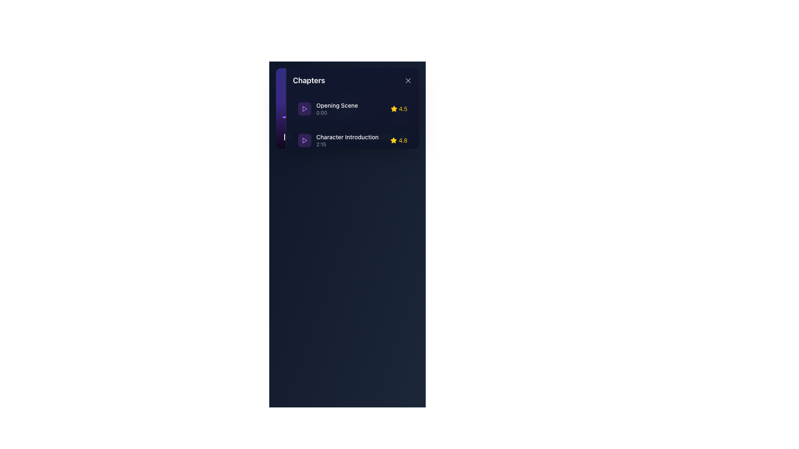 This screenshot has width=799, height=449. Describe the element at coordinates (347, 137) in the screenshot. I see `the 'Character Introduction' text label, which is the second chapter title in the list of chapters` at that location.